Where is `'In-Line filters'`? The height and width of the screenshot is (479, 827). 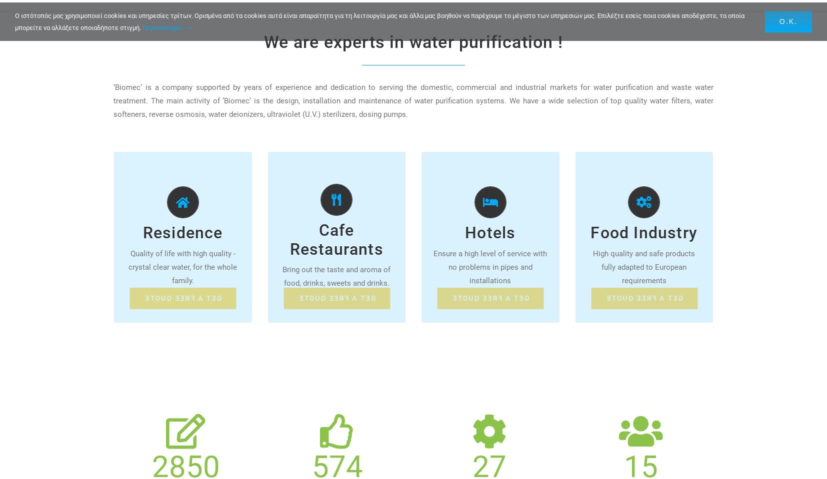 'In-Line filters' is located at coordinates (172, 215).